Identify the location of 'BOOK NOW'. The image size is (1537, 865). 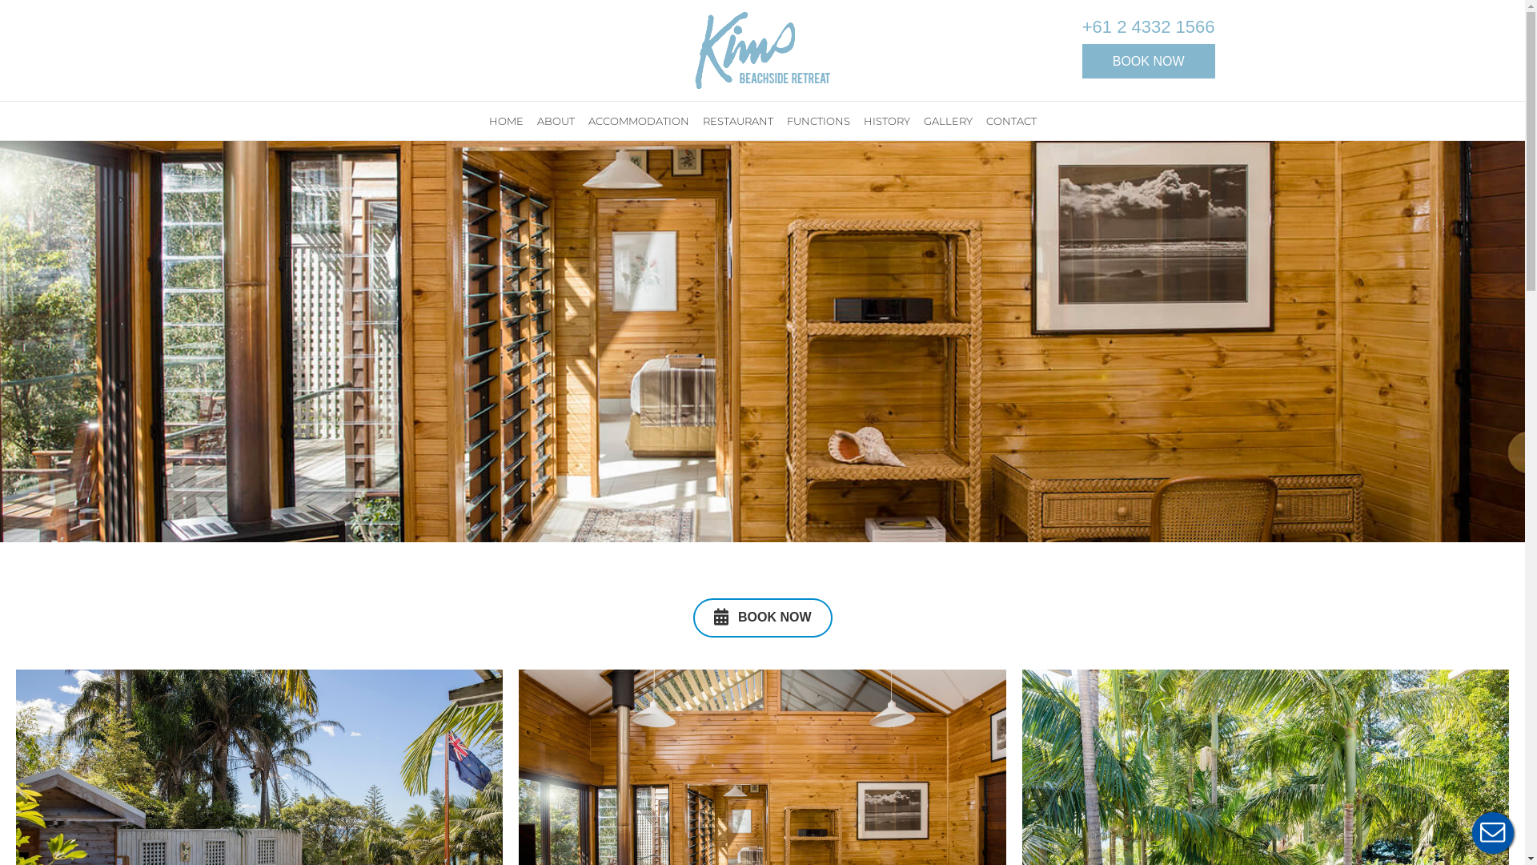
(1148, 60).